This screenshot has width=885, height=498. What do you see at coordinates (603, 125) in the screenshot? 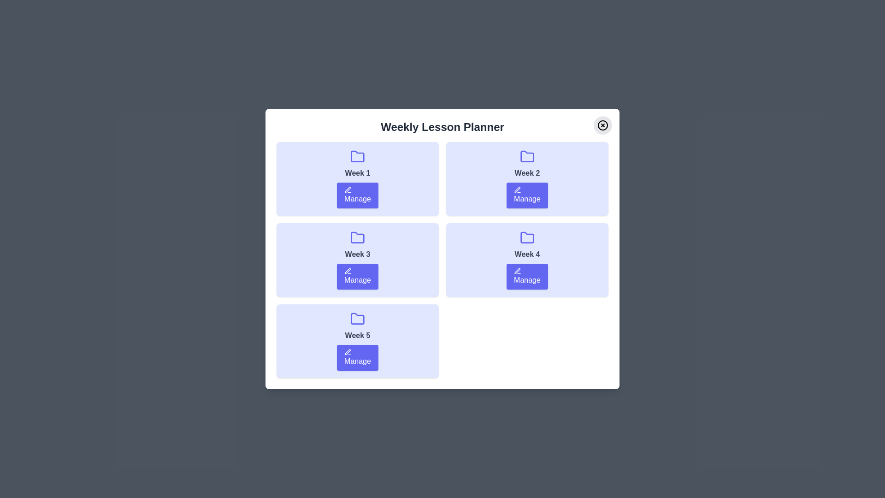
I see `the close button in the top-right corner of the dialog to close it` at bounding box center [603, 125].